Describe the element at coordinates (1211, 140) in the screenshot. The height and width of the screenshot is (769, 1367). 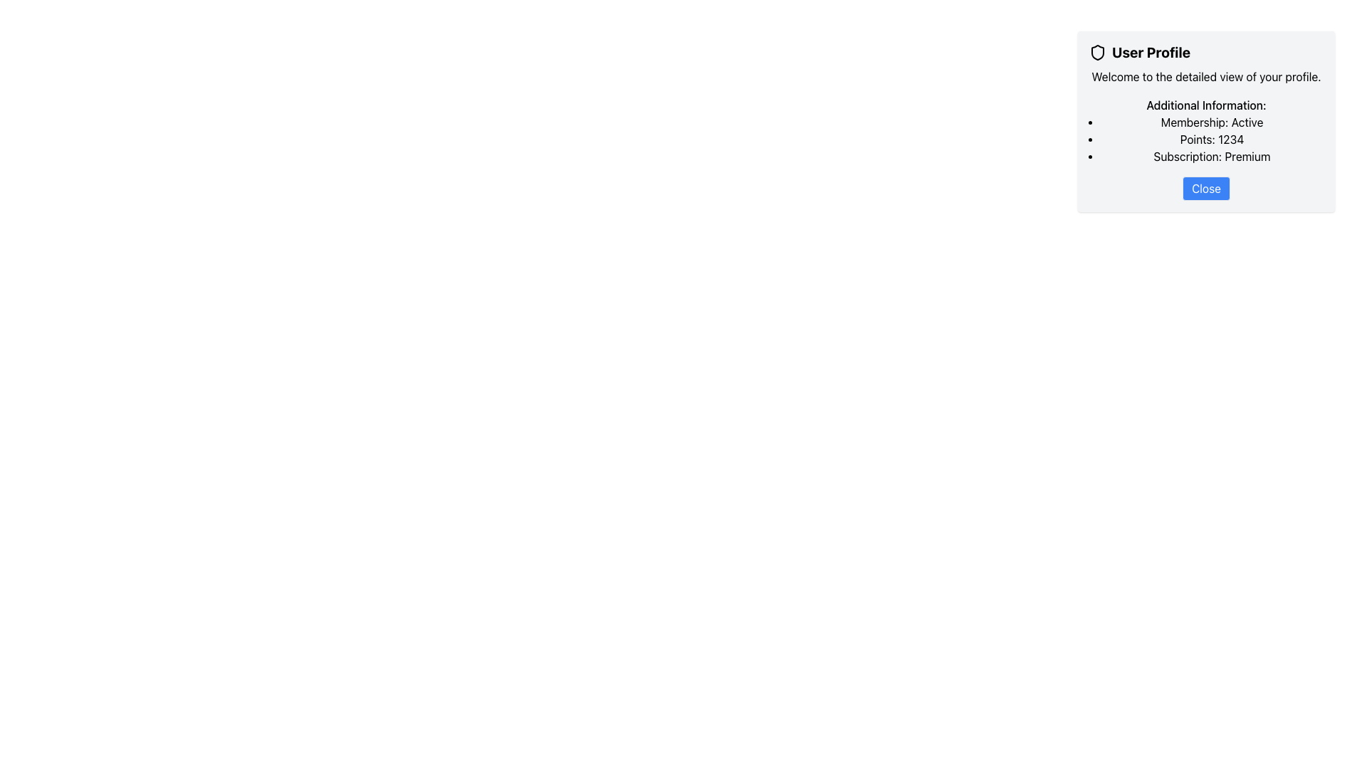
I see `the total points value text element, which is the second item in the bulleted list under the 'Additional Information' heading, if it is interactive` at that location.